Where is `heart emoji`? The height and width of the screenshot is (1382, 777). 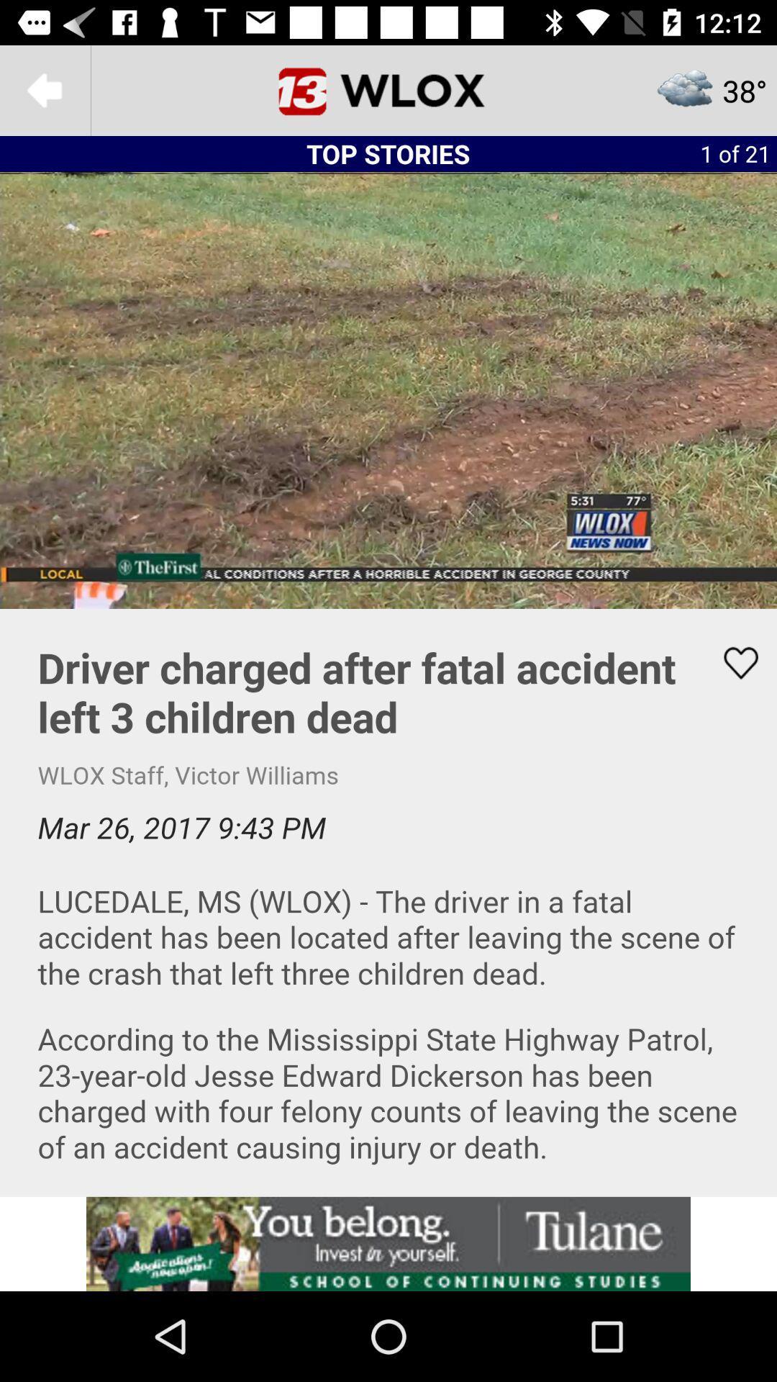
heart emoji is located at coordinates (732, 662).